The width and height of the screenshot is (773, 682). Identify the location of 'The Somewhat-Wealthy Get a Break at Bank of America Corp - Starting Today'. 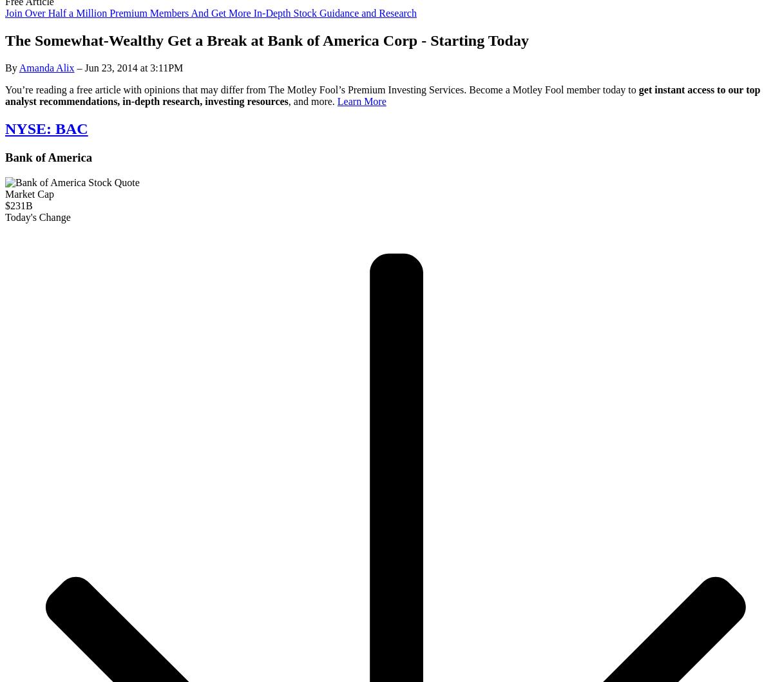
(266, 41).